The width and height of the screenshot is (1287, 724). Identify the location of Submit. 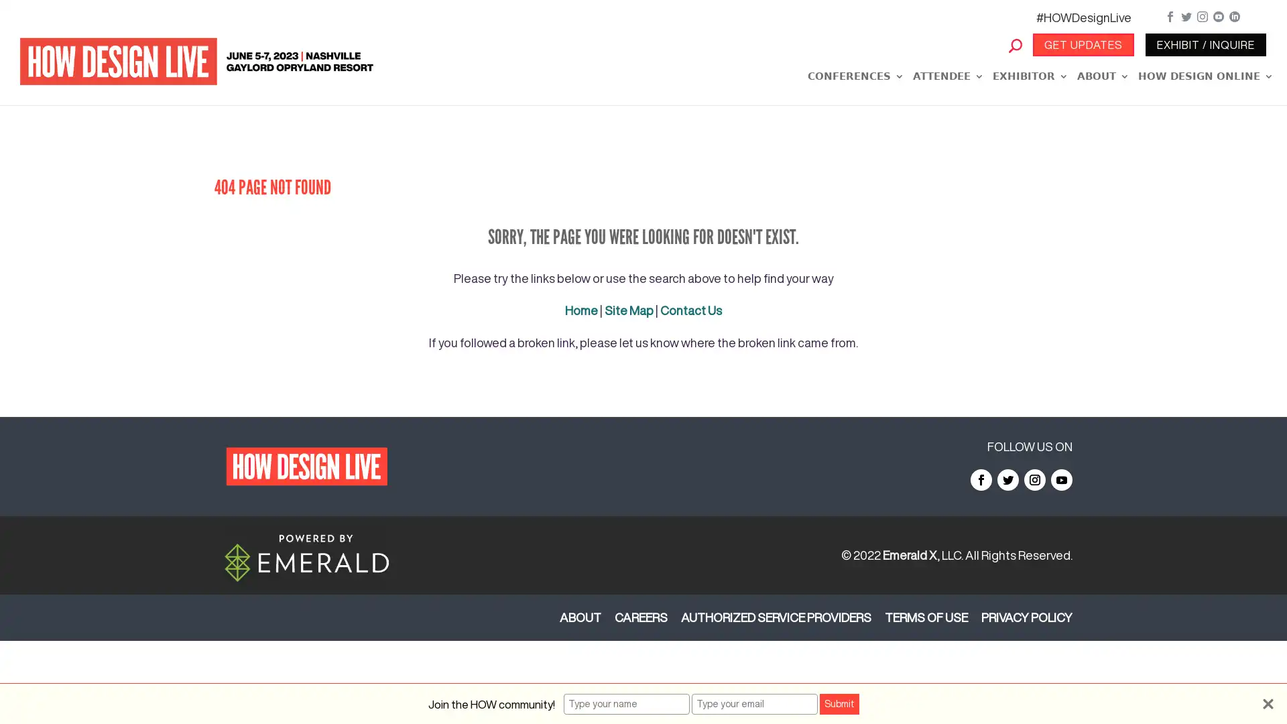
(838, 703).